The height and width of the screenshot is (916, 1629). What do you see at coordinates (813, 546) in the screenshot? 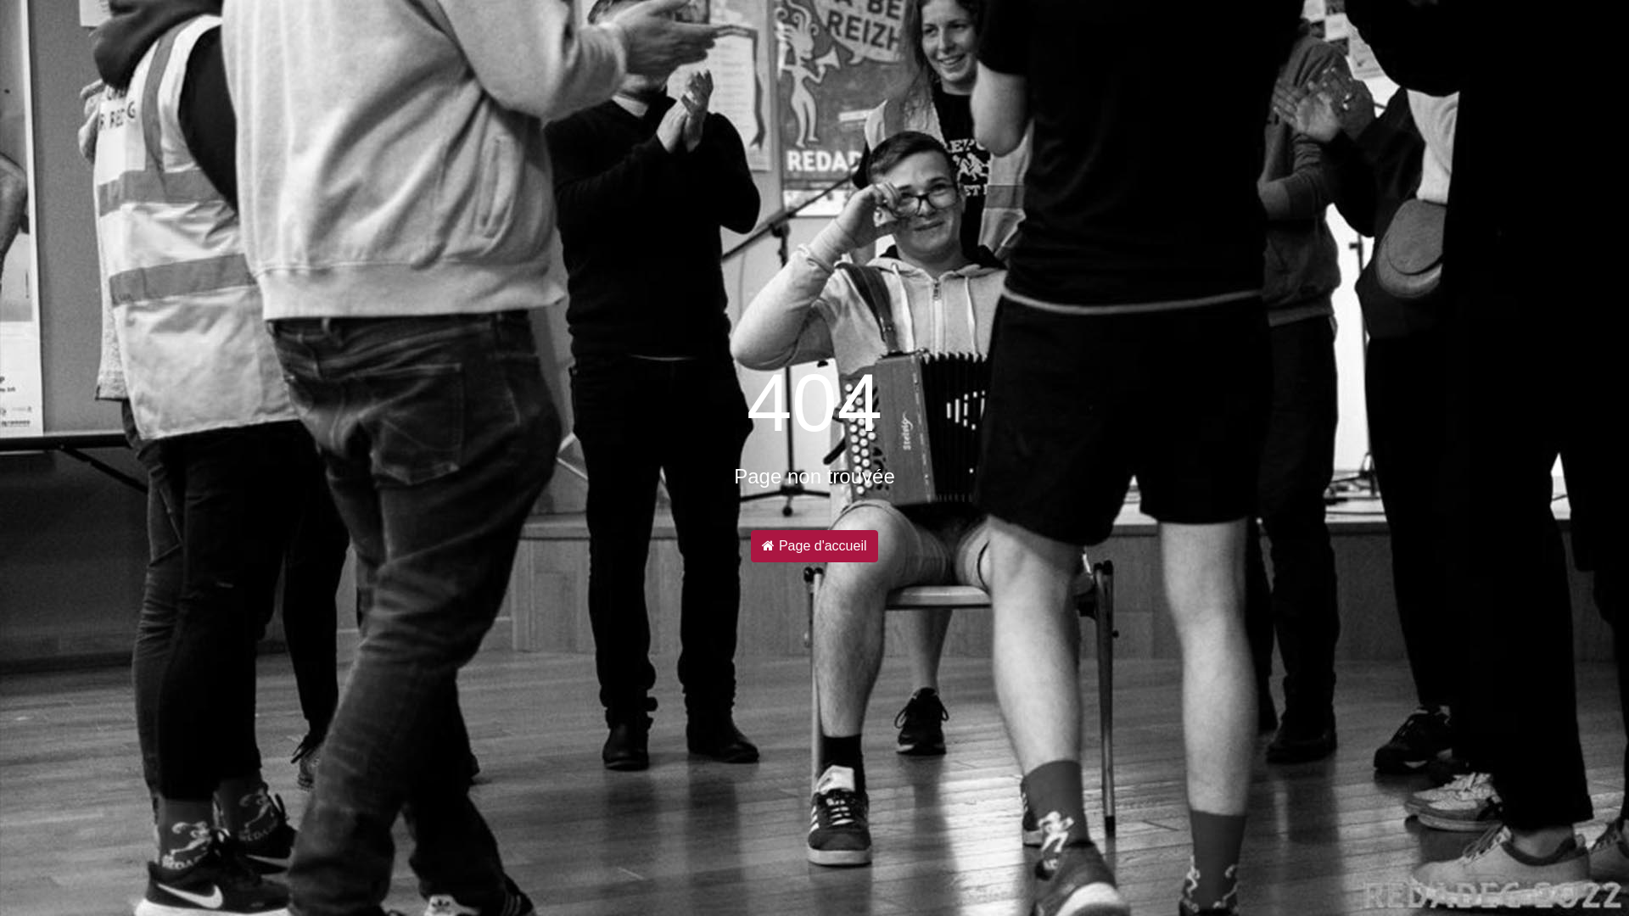
I see `'Page d'accueil'` at bounding box center [813, 546].